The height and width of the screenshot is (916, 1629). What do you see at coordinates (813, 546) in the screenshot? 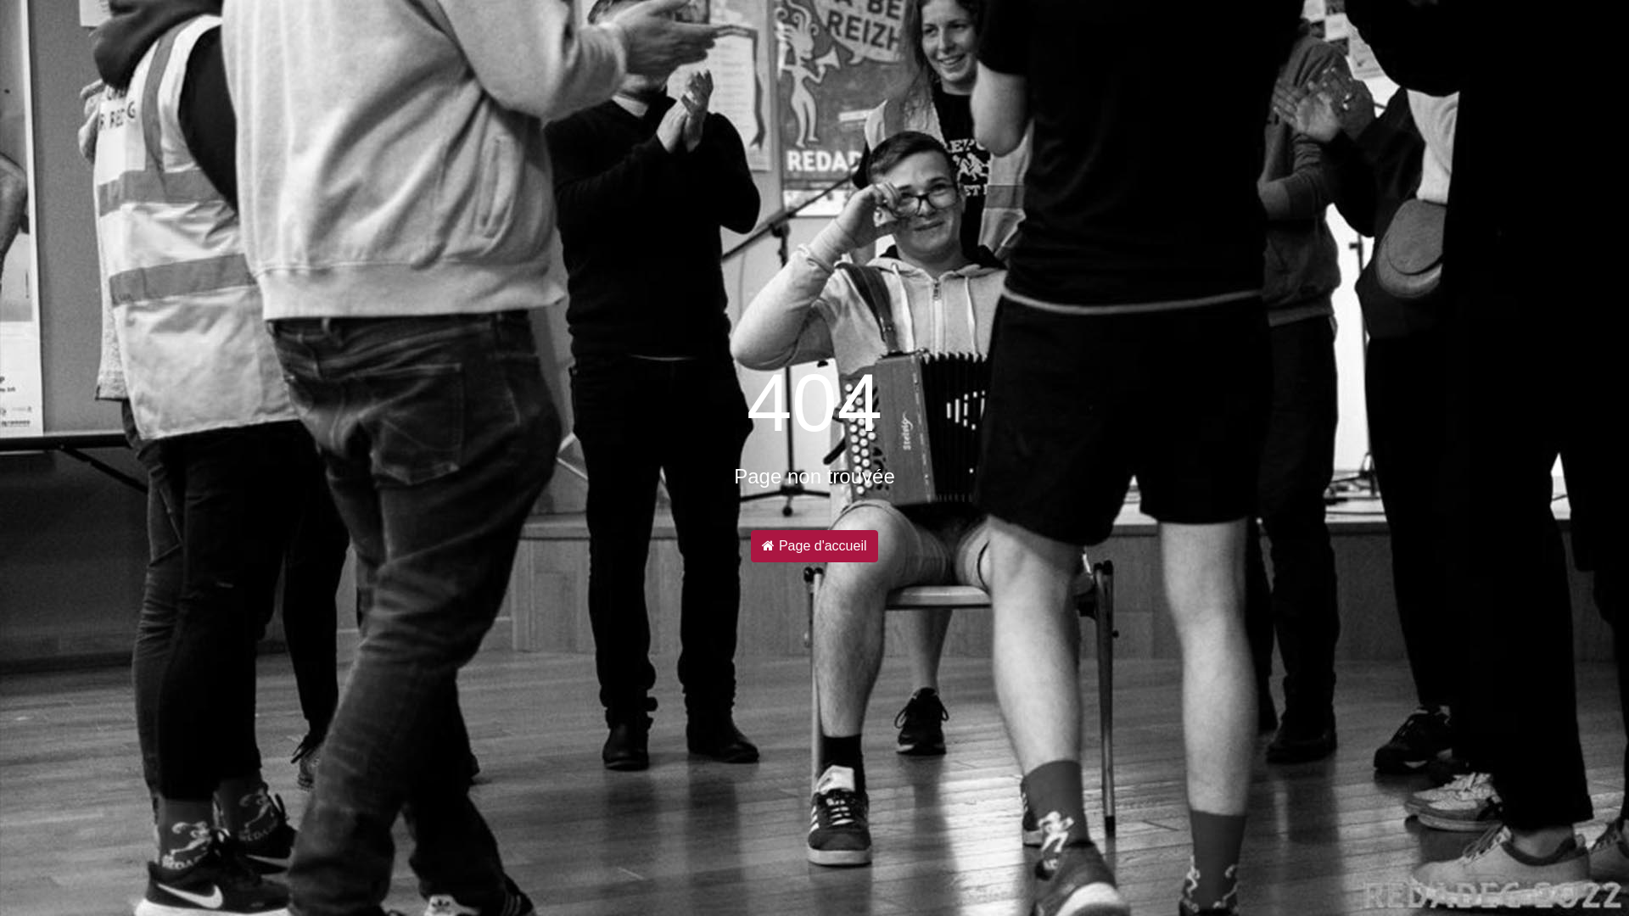
I see `'Page d'accueil'` at bounding box center [813, 546].